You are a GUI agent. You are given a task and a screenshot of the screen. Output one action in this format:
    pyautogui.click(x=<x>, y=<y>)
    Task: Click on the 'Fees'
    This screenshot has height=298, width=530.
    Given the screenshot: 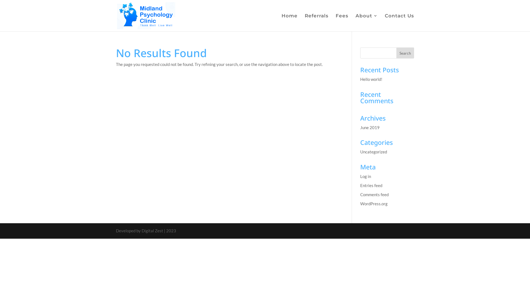 What is the action you would take?
    pyautogui.click(x=341, y=22)
    